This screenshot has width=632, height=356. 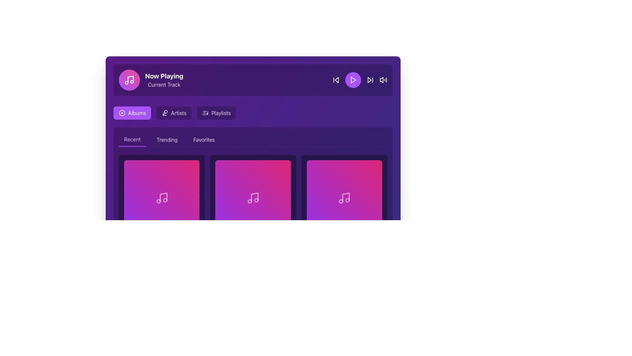 I want to click on small circle SVG element that is the leftmost of two circular components at the bottom-right of the music icon, so click(x=341, y=201).